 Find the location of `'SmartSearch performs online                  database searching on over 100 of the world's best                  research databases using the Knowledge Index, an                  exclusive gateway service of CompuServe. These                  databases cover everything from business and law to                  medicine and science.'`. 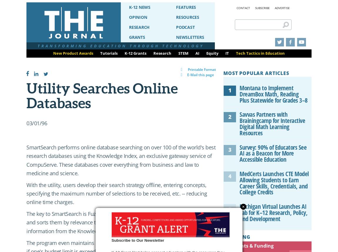

'SmartSearch performs online                  database searching on over 100 of the world's best                  research databases using the Knowledge Index, an                  exclusive gateway service of CompuServe. These                  databases cover everything from business and law to                  medicine and science.' is located at coordinates (121, 160).